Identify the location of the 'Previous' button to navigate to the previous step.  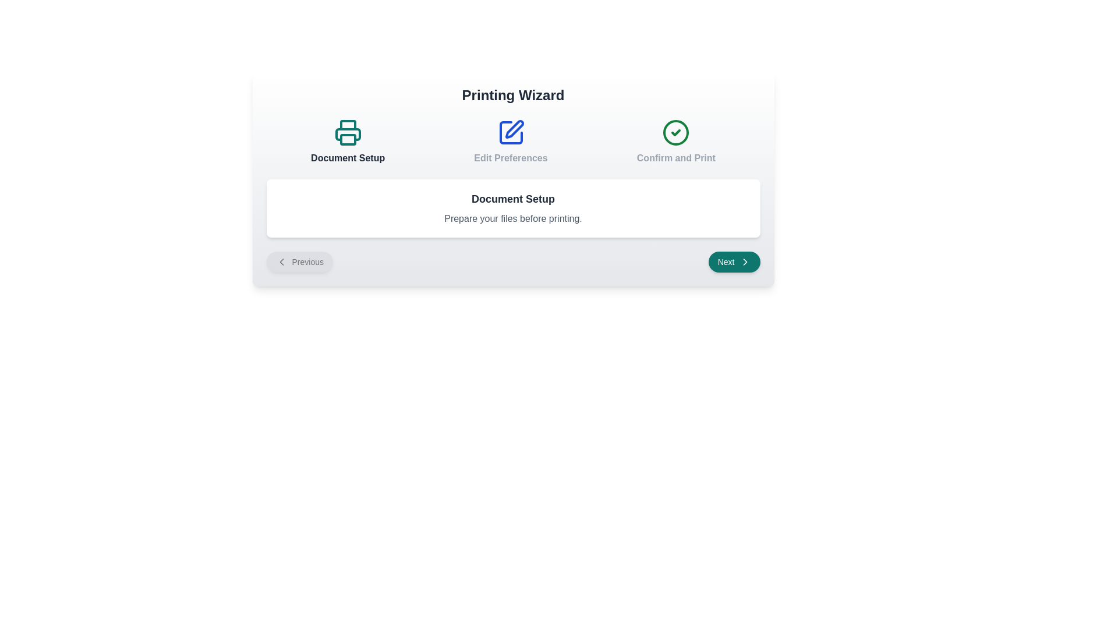
(299, 262).